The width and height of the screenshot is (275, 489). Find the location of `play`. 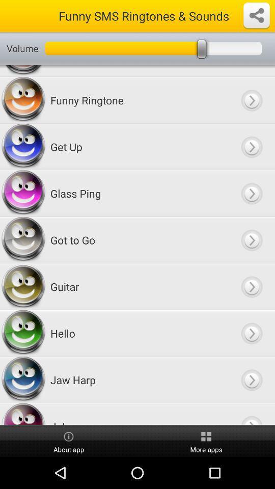

play is located at coordinates (251, 146).